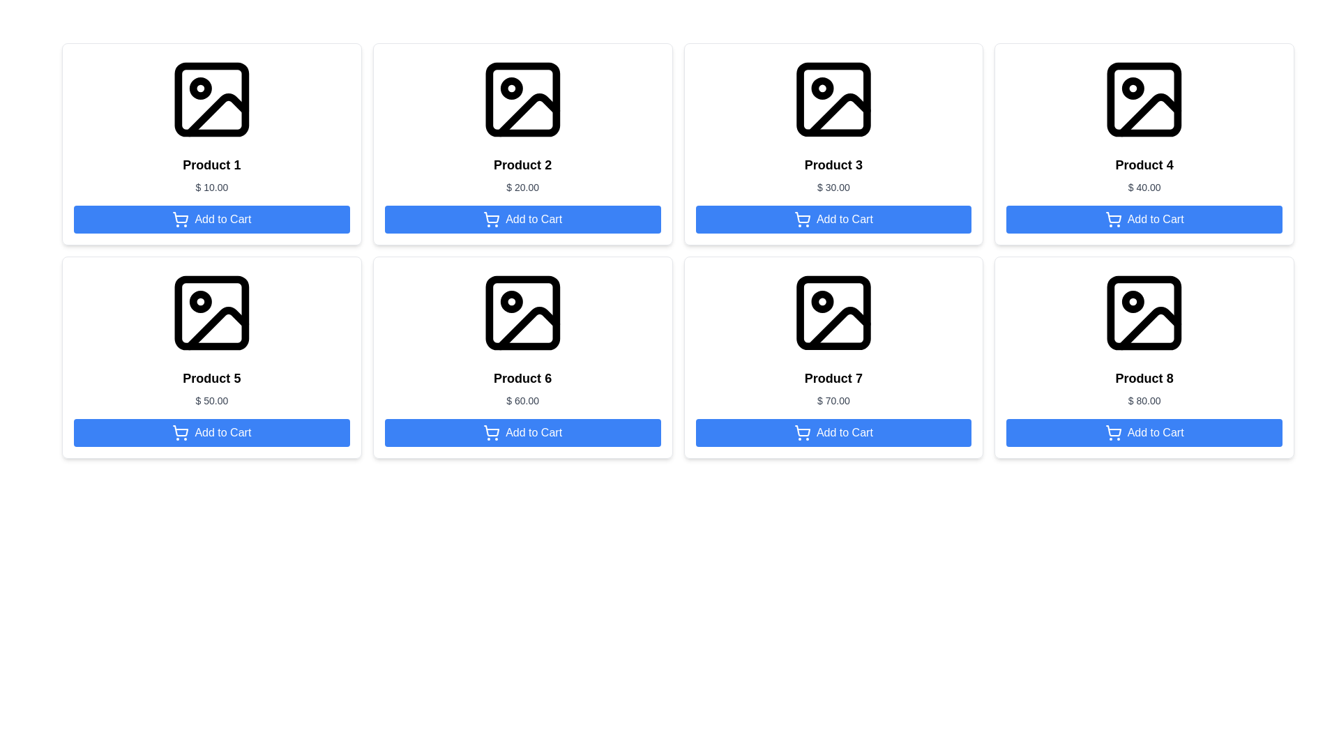 The height and width of the screenshot is (753, 1339). Describe the element at coordinates (1144, 357) in the screenshot. I see `the image placeholder of the product display card showcasing 'Product 8' priced at $80.00, located in the fourth column of the second row` at that location.